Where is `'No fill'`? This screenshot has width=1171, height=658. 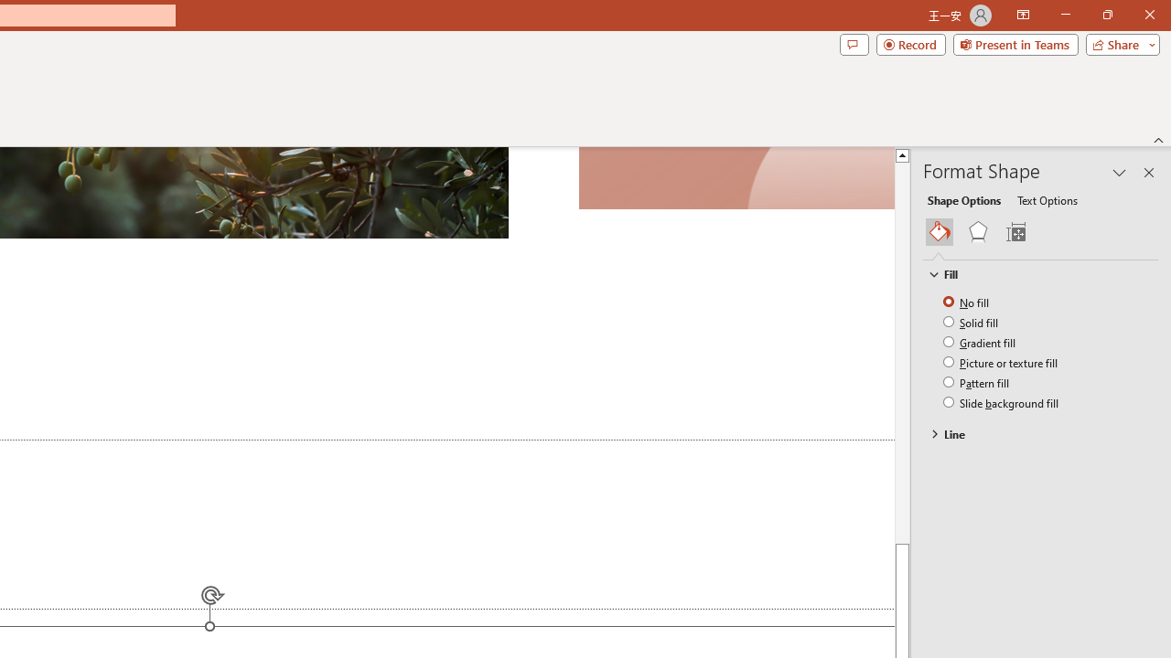
'No fill' is located at coordinates (966, 301).